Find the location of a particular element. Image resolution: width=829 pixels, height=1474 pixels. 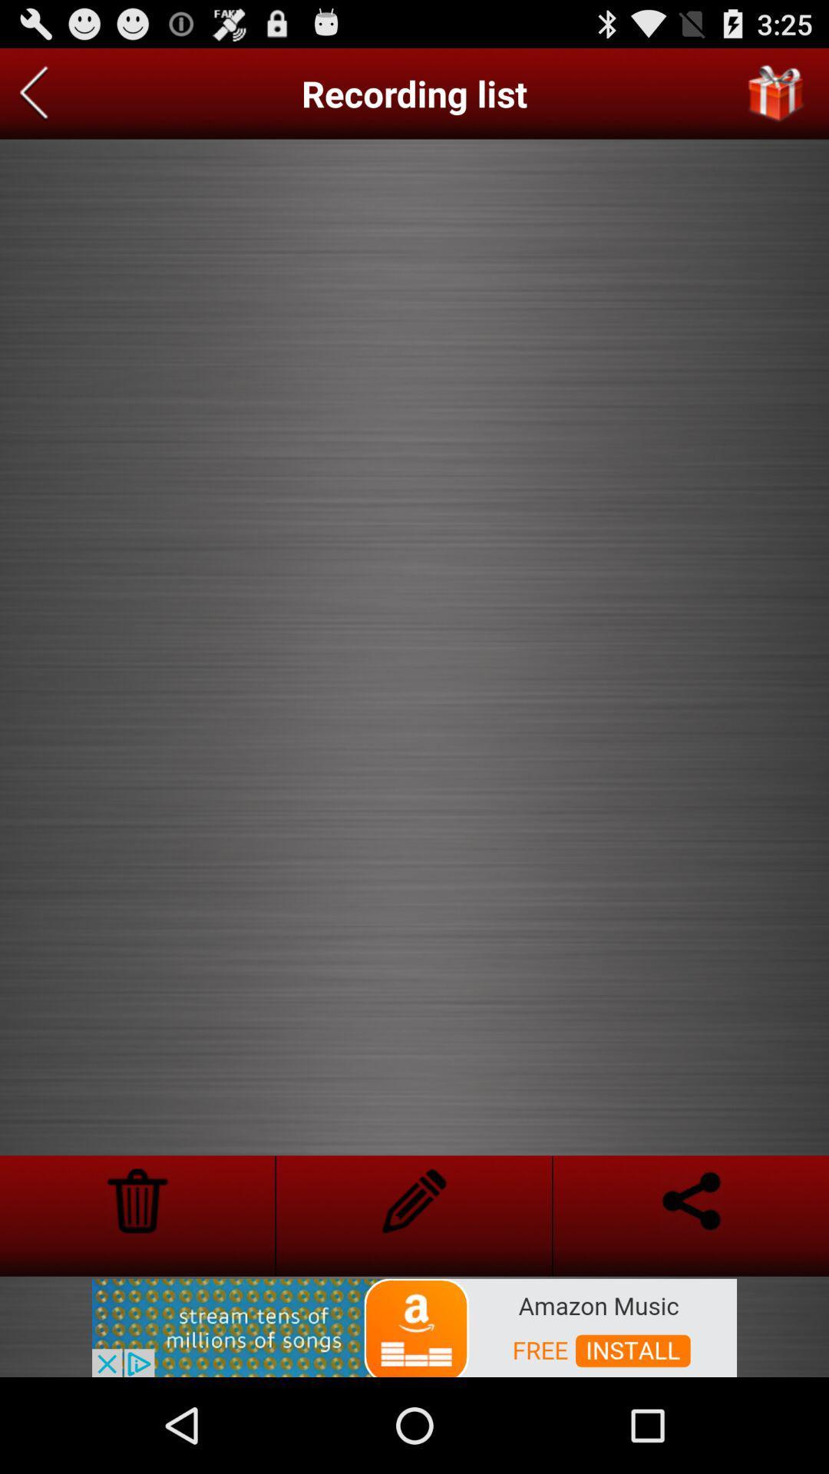

rite page is located at coordinates (413, 1200).